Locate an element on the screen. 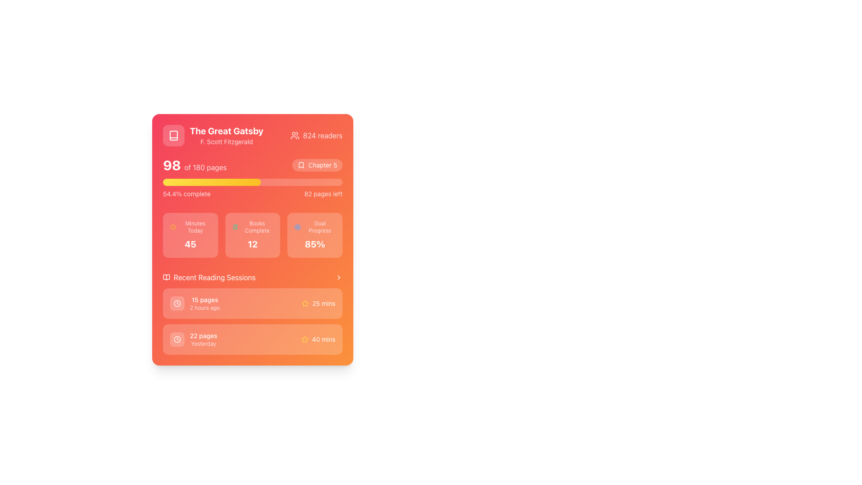 This screenshot has width=862, height=485. the decorative book icon located in the upper left section of the card module, adjacent to the title 'The Great Gatsby' and the author's name is located at coordinates (166, 277).